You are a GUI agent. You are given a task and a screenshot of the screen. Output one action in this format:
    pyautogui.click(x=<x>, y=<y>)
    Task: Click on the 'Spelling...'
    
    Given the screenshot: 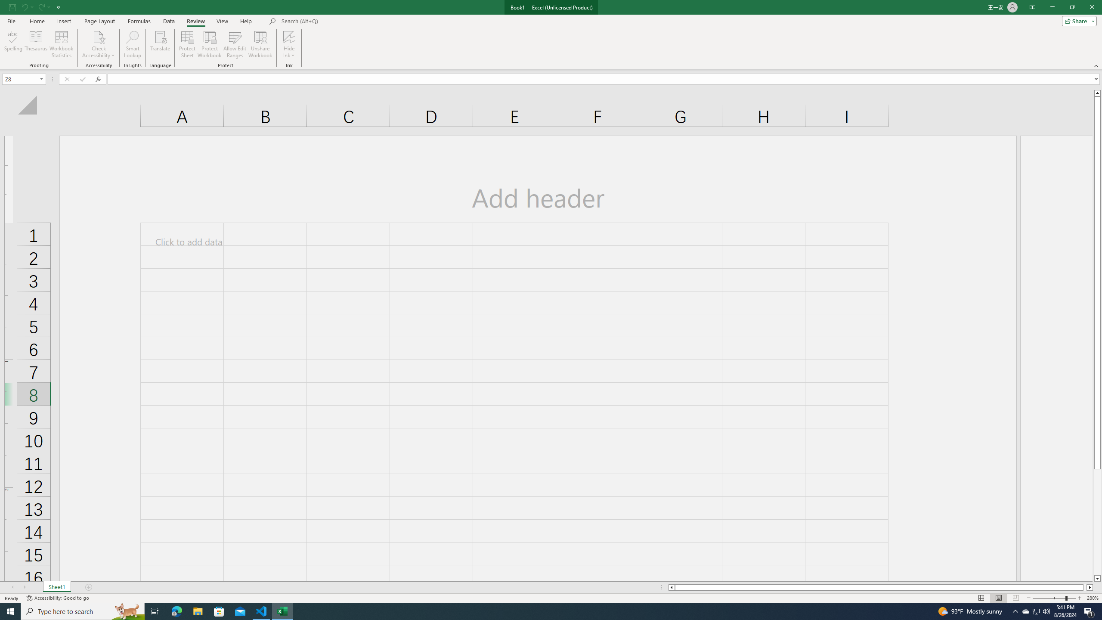 What is the action you would take?
    pyautogui.click(x=12, y=44)
    